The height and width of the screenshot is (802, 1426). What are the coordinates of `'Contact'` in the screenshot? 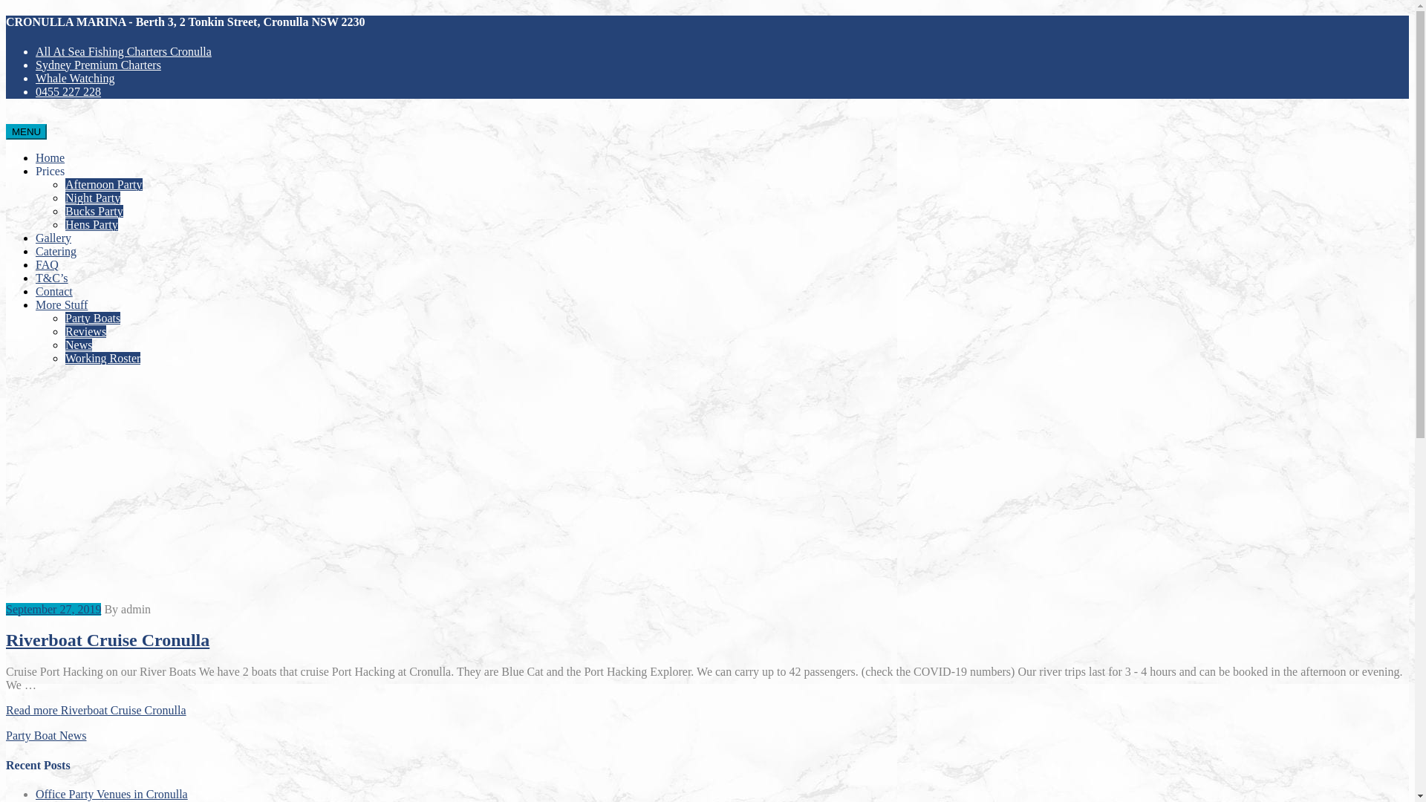 It's located at (36, 291).